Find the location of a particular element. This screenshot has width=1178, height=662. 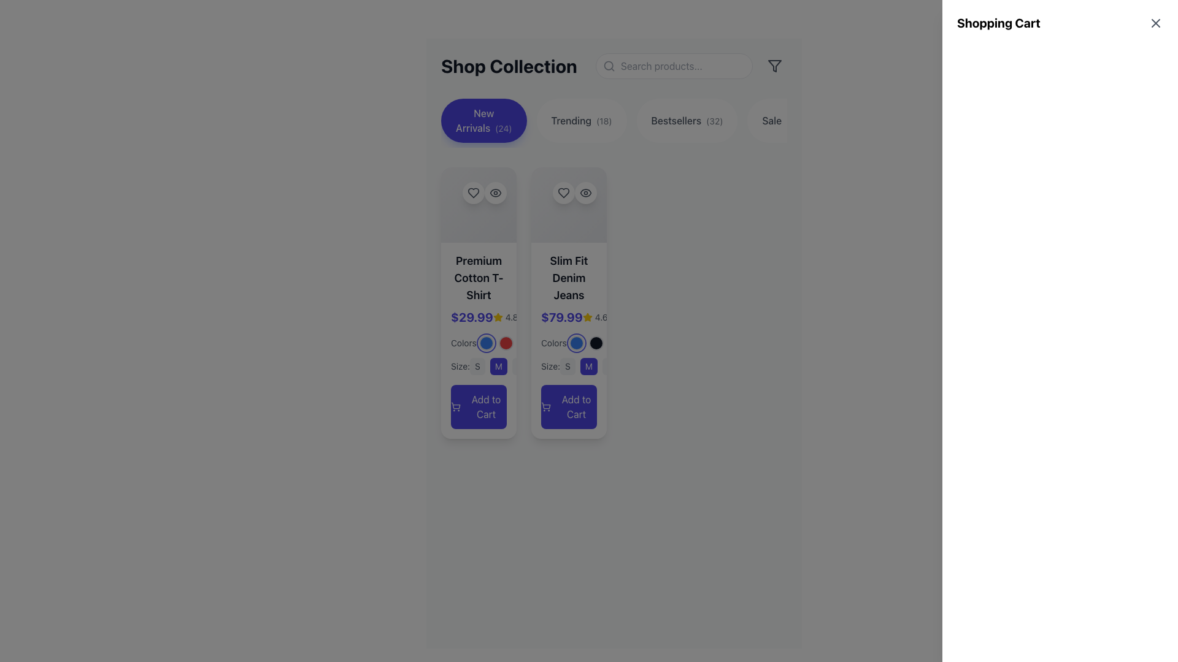

text labeled 'Sale' located within a button-like component on the right-hand side of the category bar is located at coordinates (771, 120).